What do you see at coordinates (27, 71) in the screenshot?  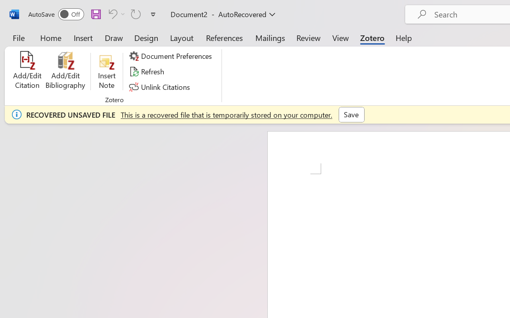 I see `'Add/Edit Citation'` at bounding box center [27, 71].